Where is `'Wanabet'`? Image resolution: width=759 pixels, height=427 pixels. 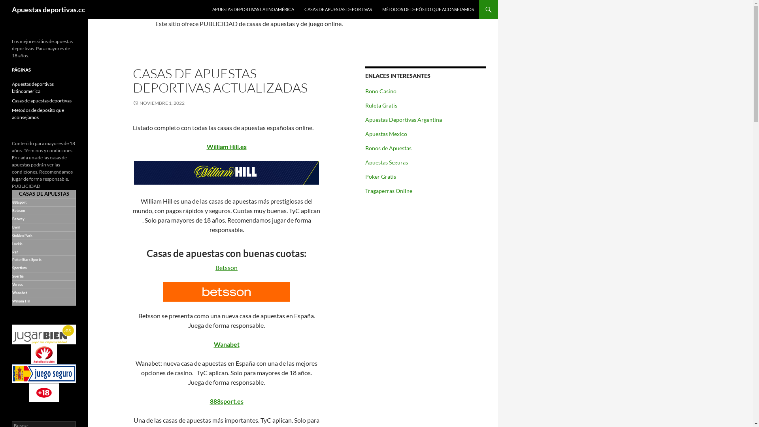
'Wanabet' is located at coordinates (226, 344).